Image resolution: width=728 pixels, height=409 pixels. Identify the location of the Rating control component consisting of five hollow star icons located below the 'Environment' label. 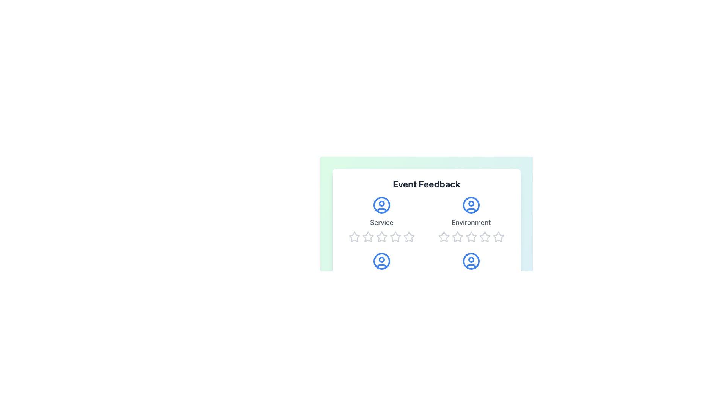
(471, 236).